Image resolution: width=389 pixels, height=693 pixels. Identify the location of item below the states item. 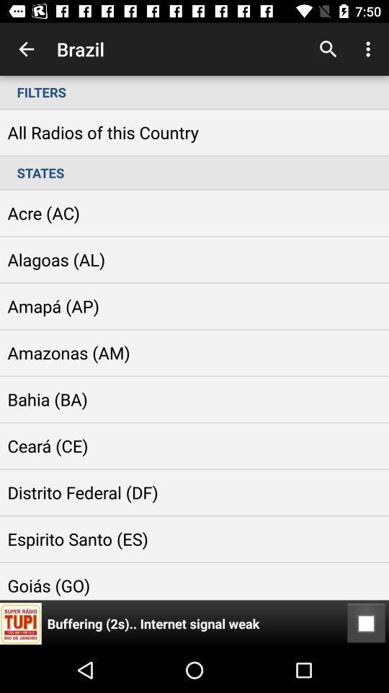
(366, 623).